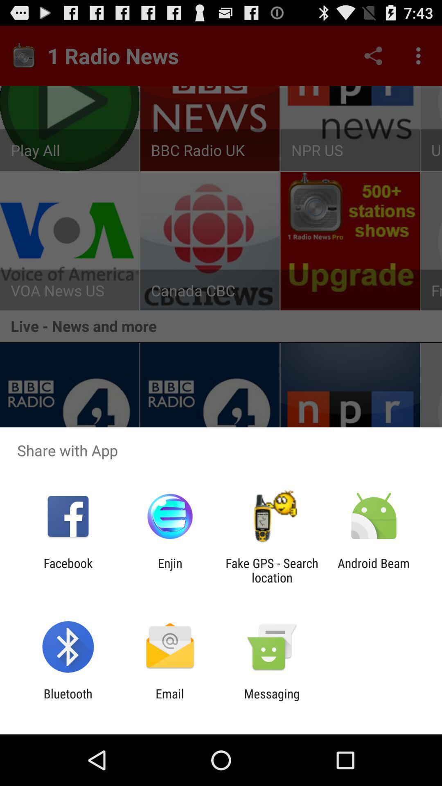 This screenshot has width=442, height=786. What do you see at coordinates (68, 700) in the screenshot?
I see `bluetooth item` at bounding box center [68, 700].